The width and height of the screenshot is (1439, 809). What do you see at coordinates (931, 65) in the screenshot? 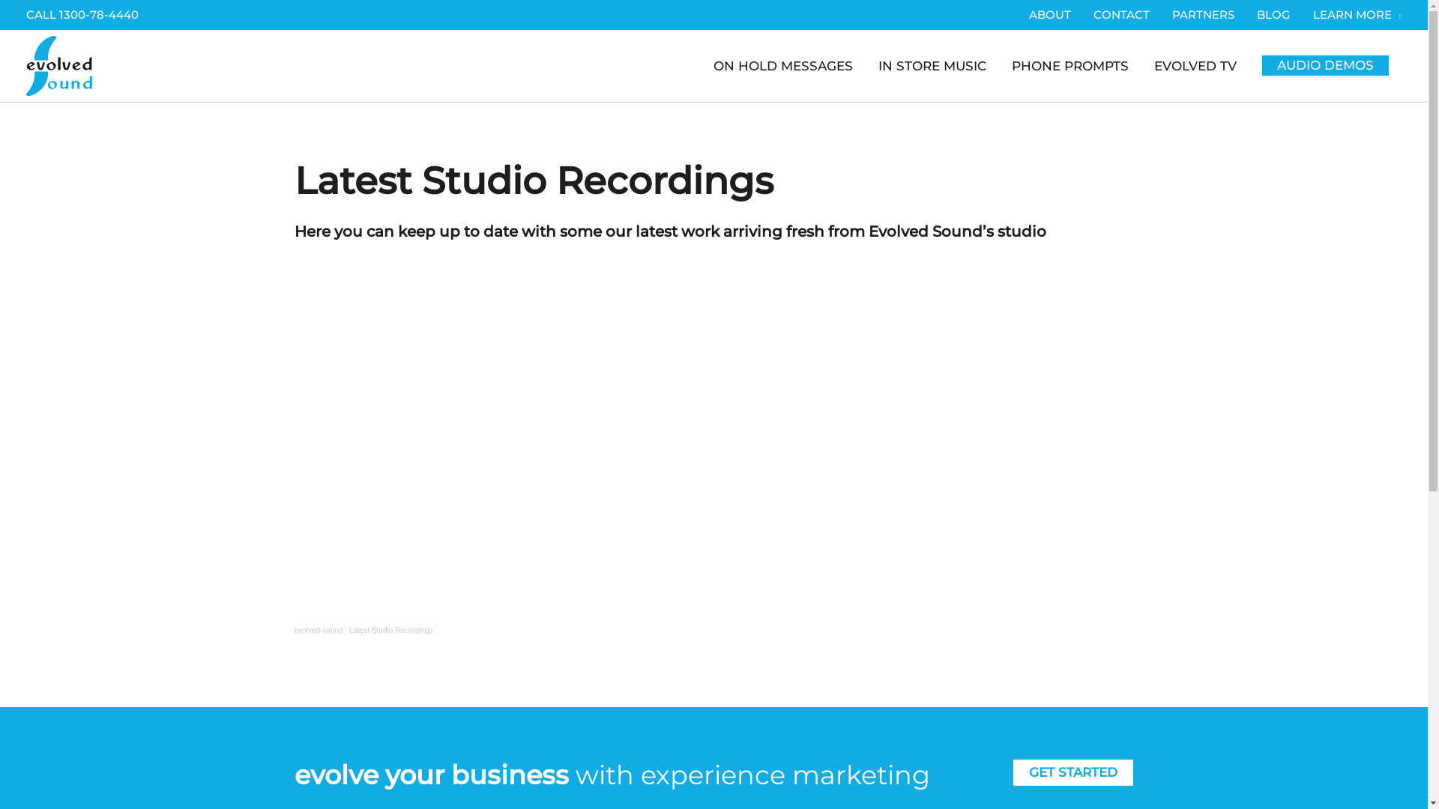
I see `'IN STORE MUSIC'` at bounding box center [931, 65].